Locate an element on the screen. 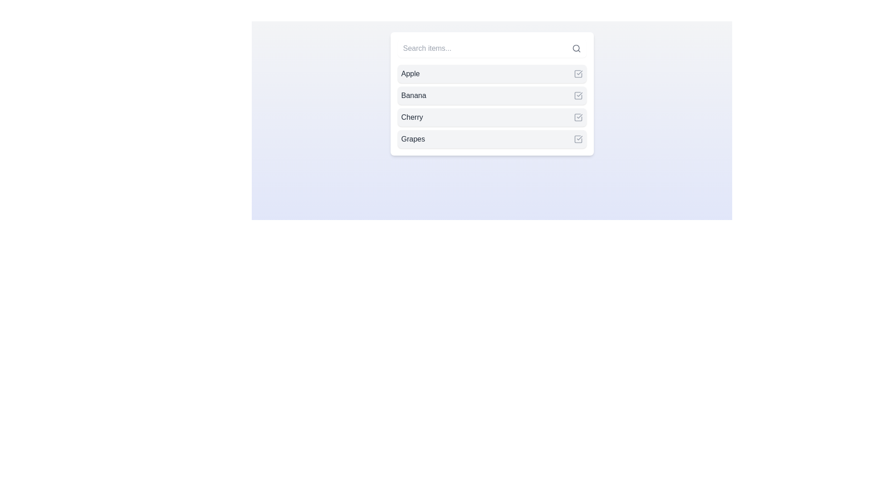  the circular SVG element located inside the search icon at the top-right corner of the input box is located at coordinates (575, 48).